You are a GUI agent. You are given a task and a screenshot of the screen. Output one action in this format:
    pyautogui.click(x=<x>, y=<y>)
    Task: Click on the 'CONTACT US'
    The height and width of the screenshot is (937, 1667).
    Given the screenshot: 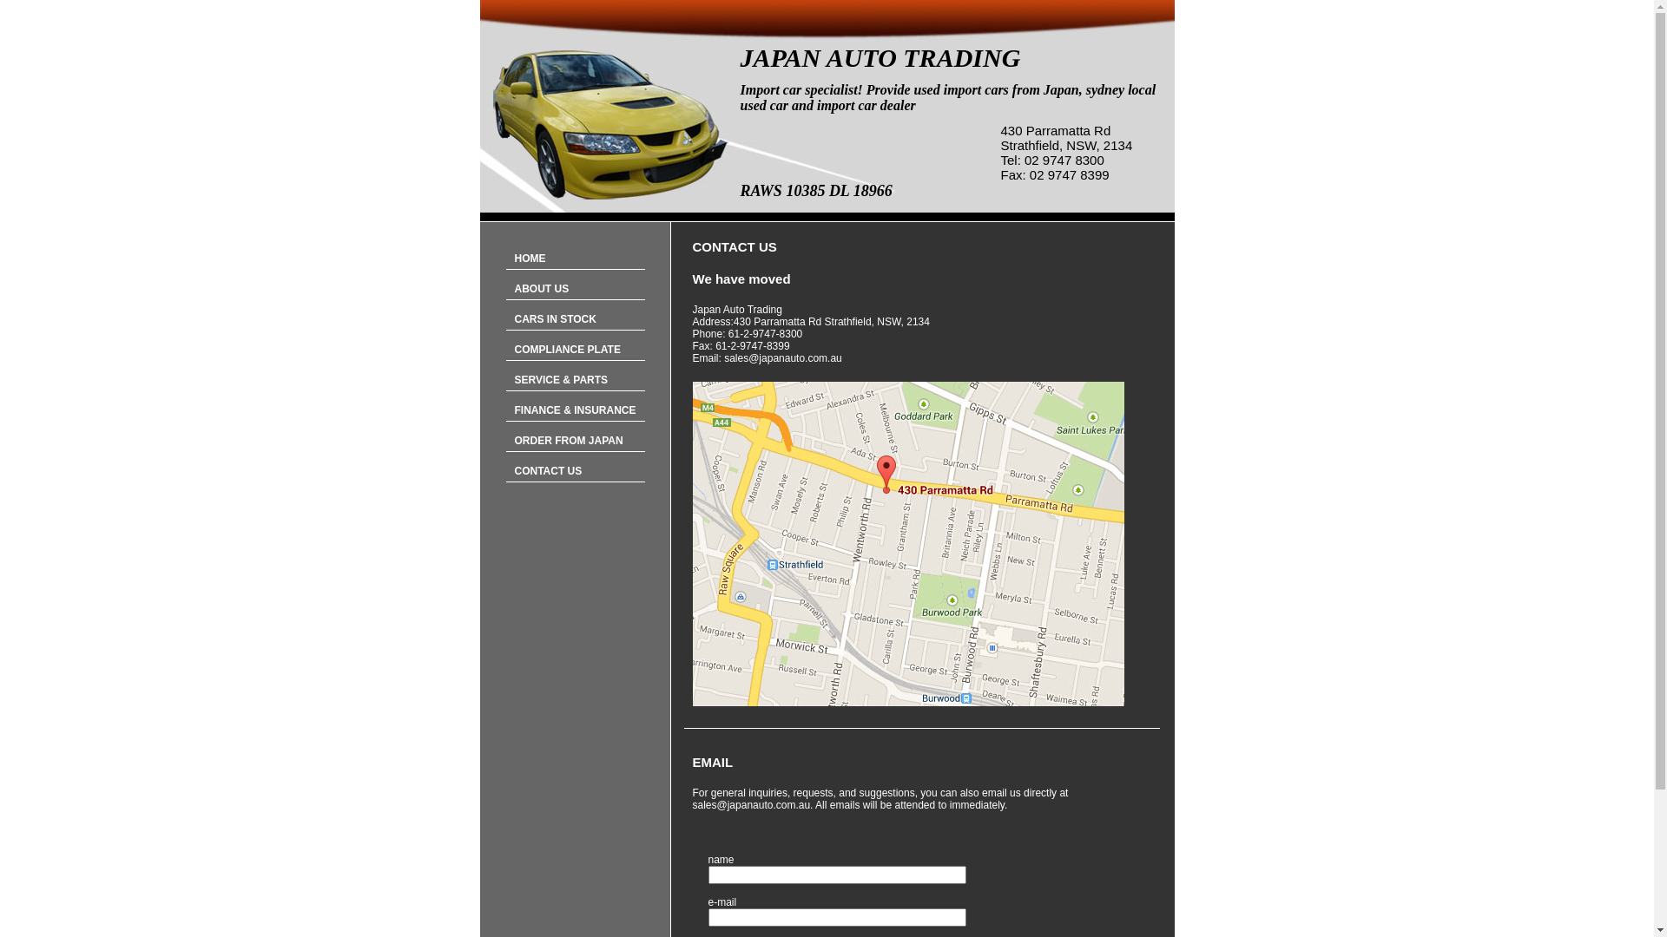 What is the action you would take?
    pyautogui.click(x=575, y=471)
    